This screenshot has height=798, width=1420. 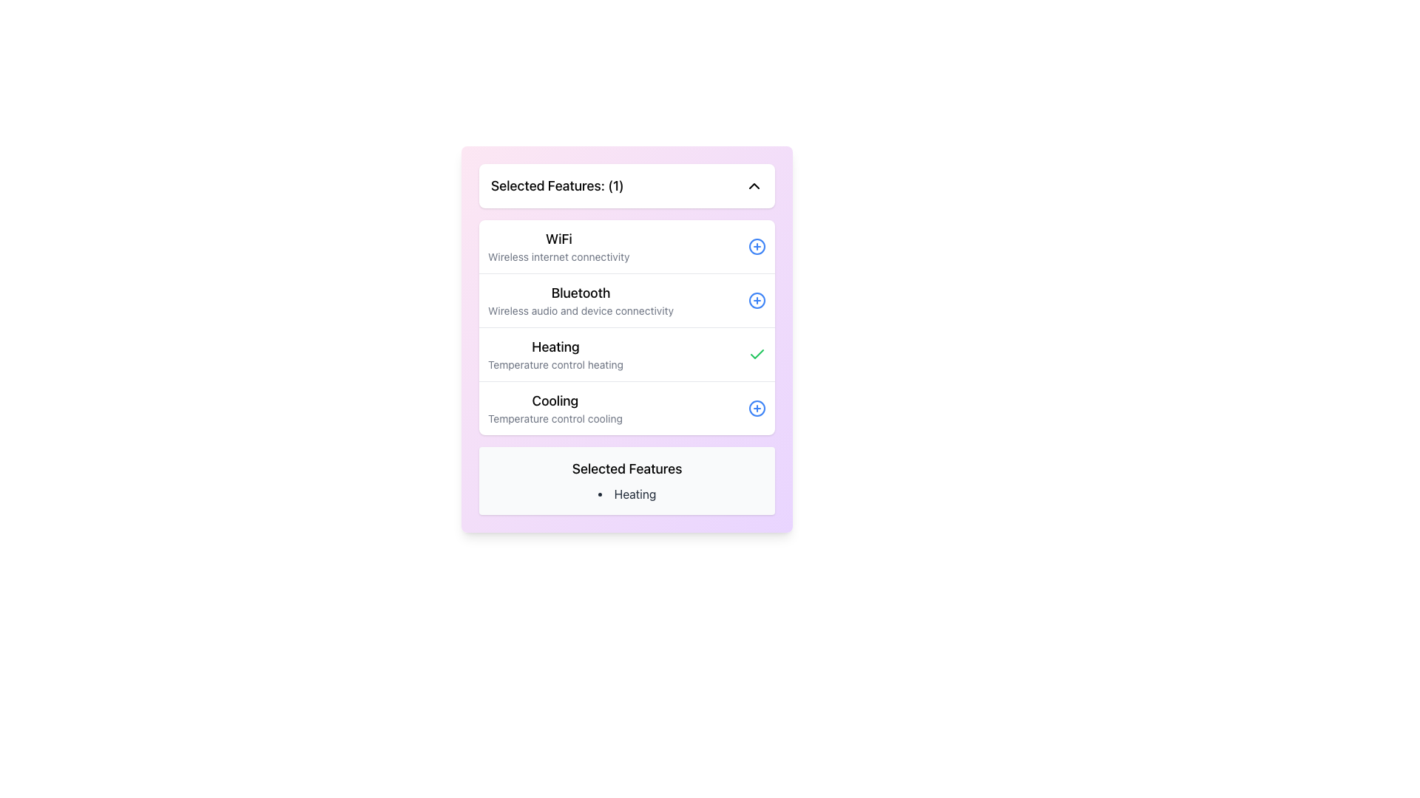 I want to click on the state of the checkmark icon that symbolizes the activation of the 'Heating' feature, which is positioned to the right of the feature text and above the 'Temperature control heating' description, so click(x=757, y=354).